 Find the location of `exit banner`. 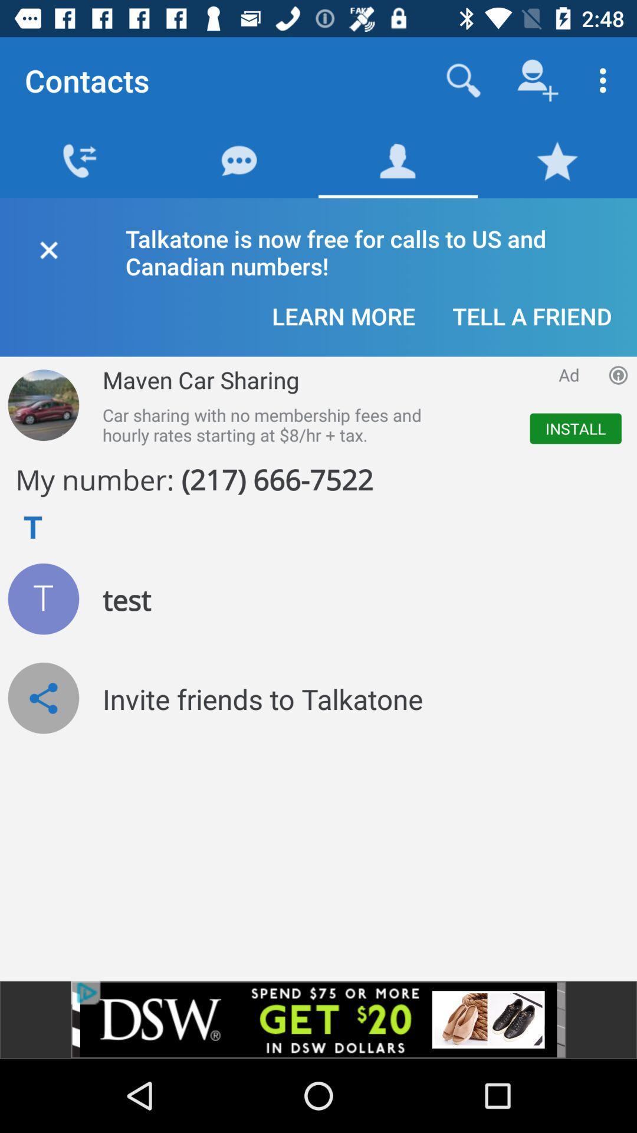

exit banner is located at coordinates (48, 247).